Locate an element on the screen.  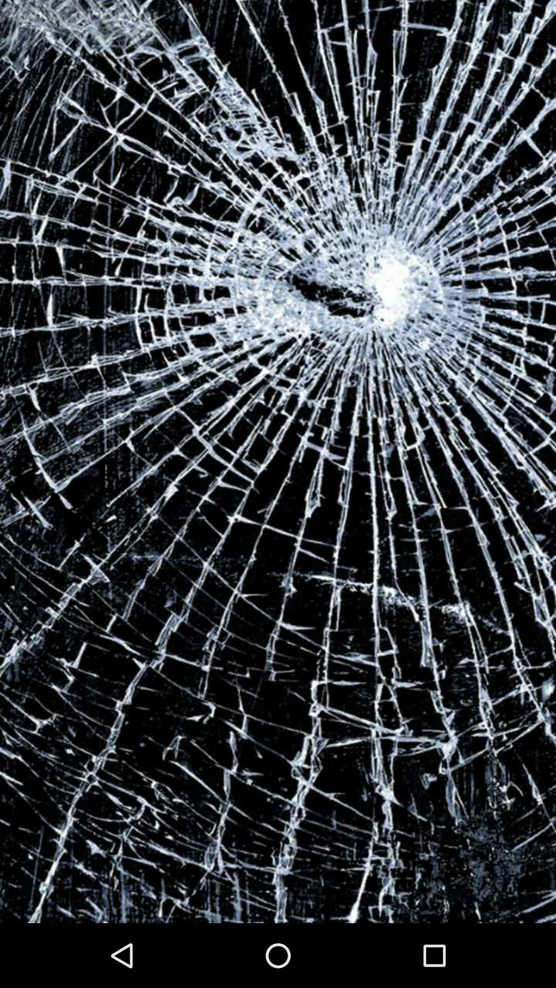
the more icon is located at coordinates (277, 475).